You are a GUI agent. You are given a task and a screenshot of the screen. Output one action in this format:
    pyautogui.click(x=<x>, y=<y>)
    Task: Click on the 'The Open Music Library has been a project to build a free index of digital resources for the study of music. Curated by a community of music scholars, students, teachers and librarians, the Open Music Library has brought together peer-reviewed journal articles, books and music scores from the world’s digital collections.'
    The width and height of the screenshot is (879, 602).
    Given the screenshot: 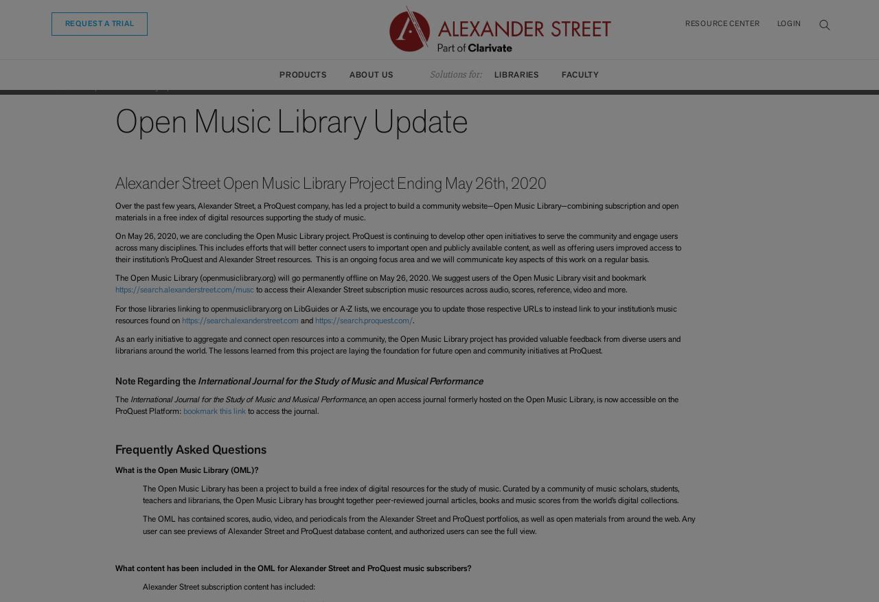 What is the action you would take?
    pyautogui.click(x=409, y=494)
    